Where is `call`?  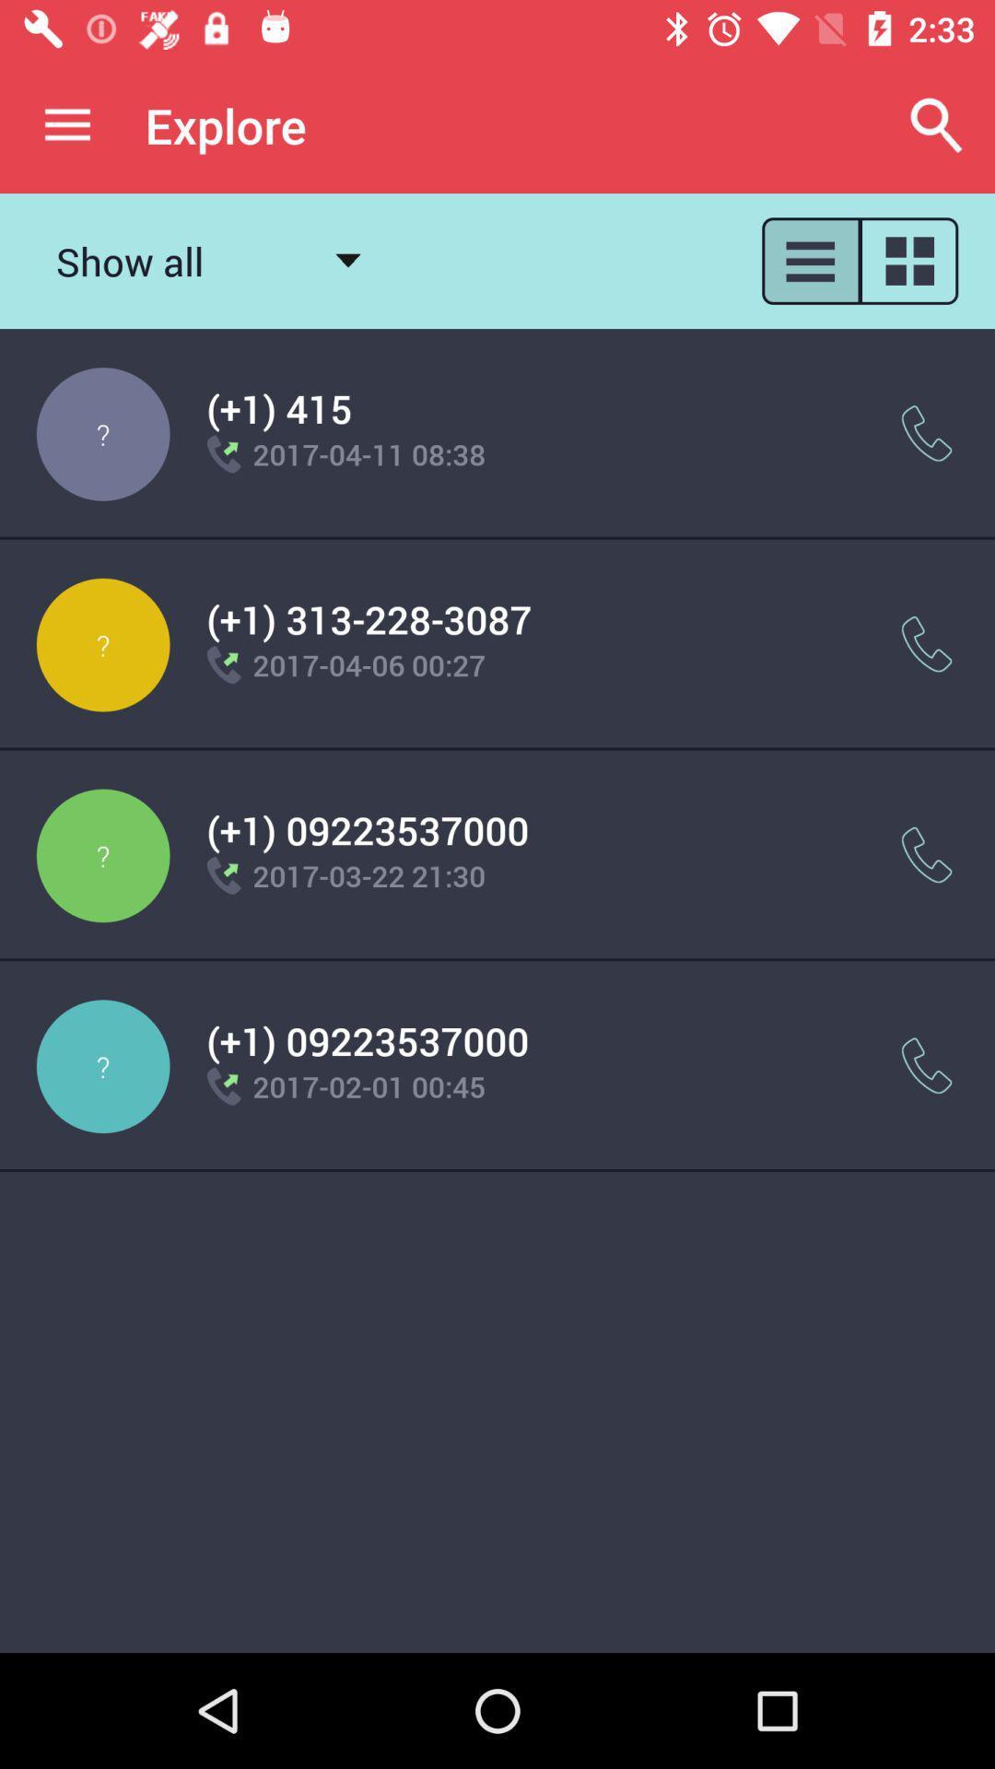
call is located at coordinates (927, 854).